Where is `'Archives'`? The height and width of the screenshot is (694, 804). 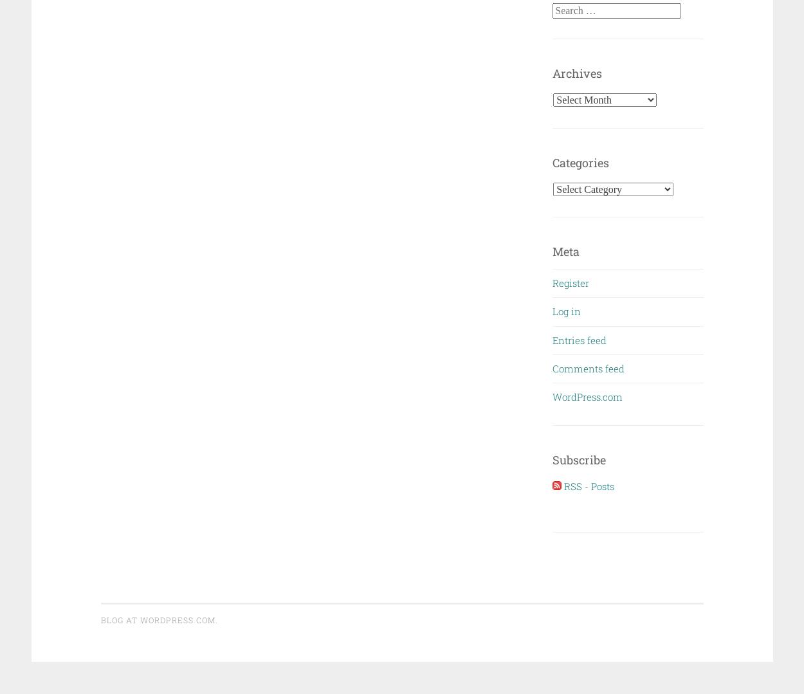 'Archives' is located at coordinates (577, 72).